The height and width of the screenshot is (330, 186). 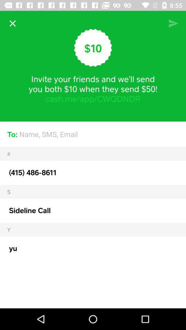 I want to click on the close icon, so click(x=12, y=23).